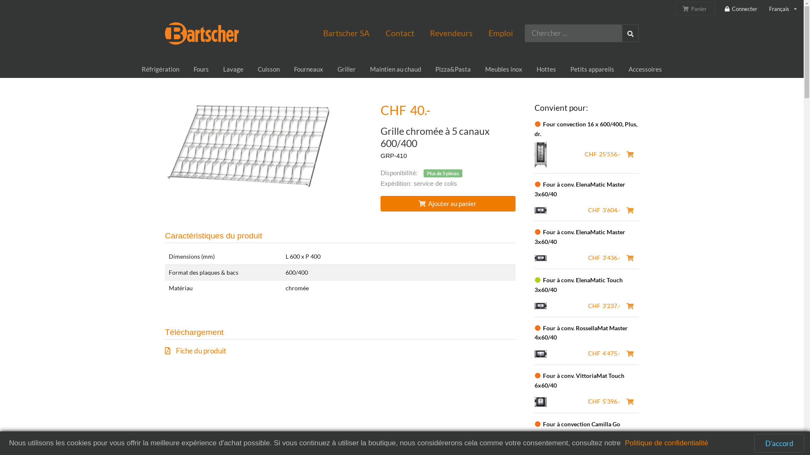 The height and width of the screenshot is (455, 810). Describe the element at coordinates (645, 69) in the screenshot. I see `'Accessoires'` at that location.